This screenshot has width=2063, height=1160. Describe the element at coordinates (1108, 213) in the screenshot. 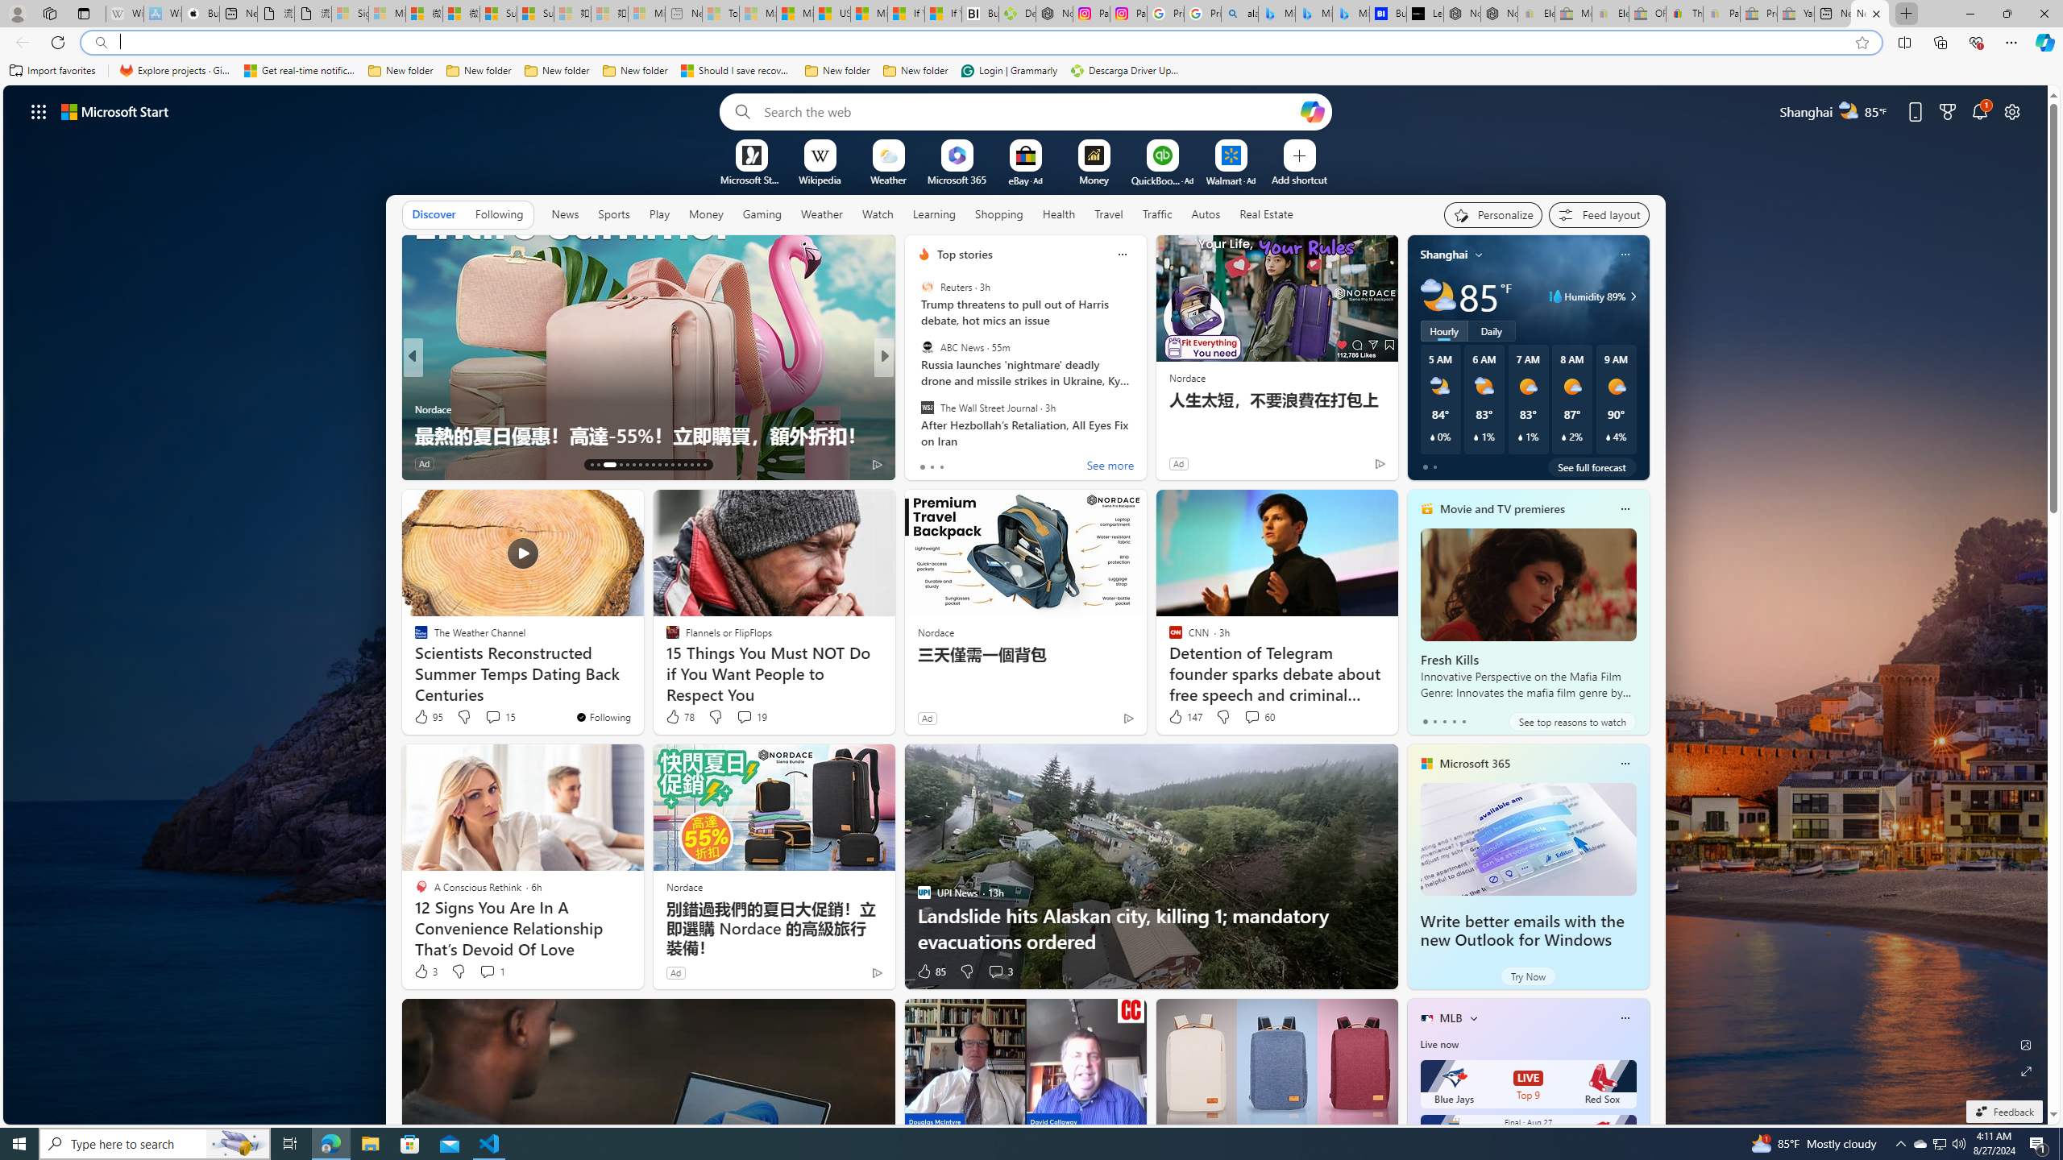

I see `'Travel'` at that location.